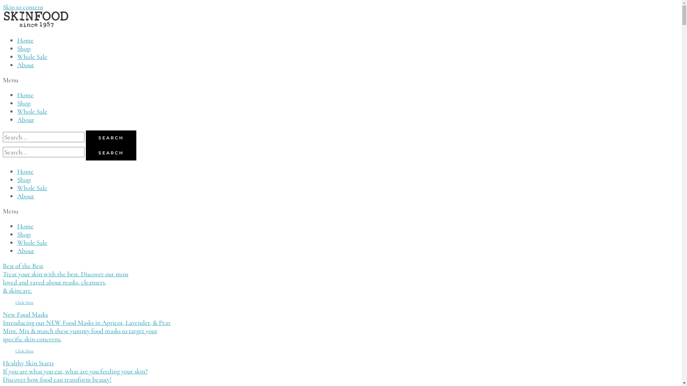 The height and width of the screenshot is (386, 687). Describe the element at coordinates (25, 65) in the screenshot. I see `'About'` at that location.